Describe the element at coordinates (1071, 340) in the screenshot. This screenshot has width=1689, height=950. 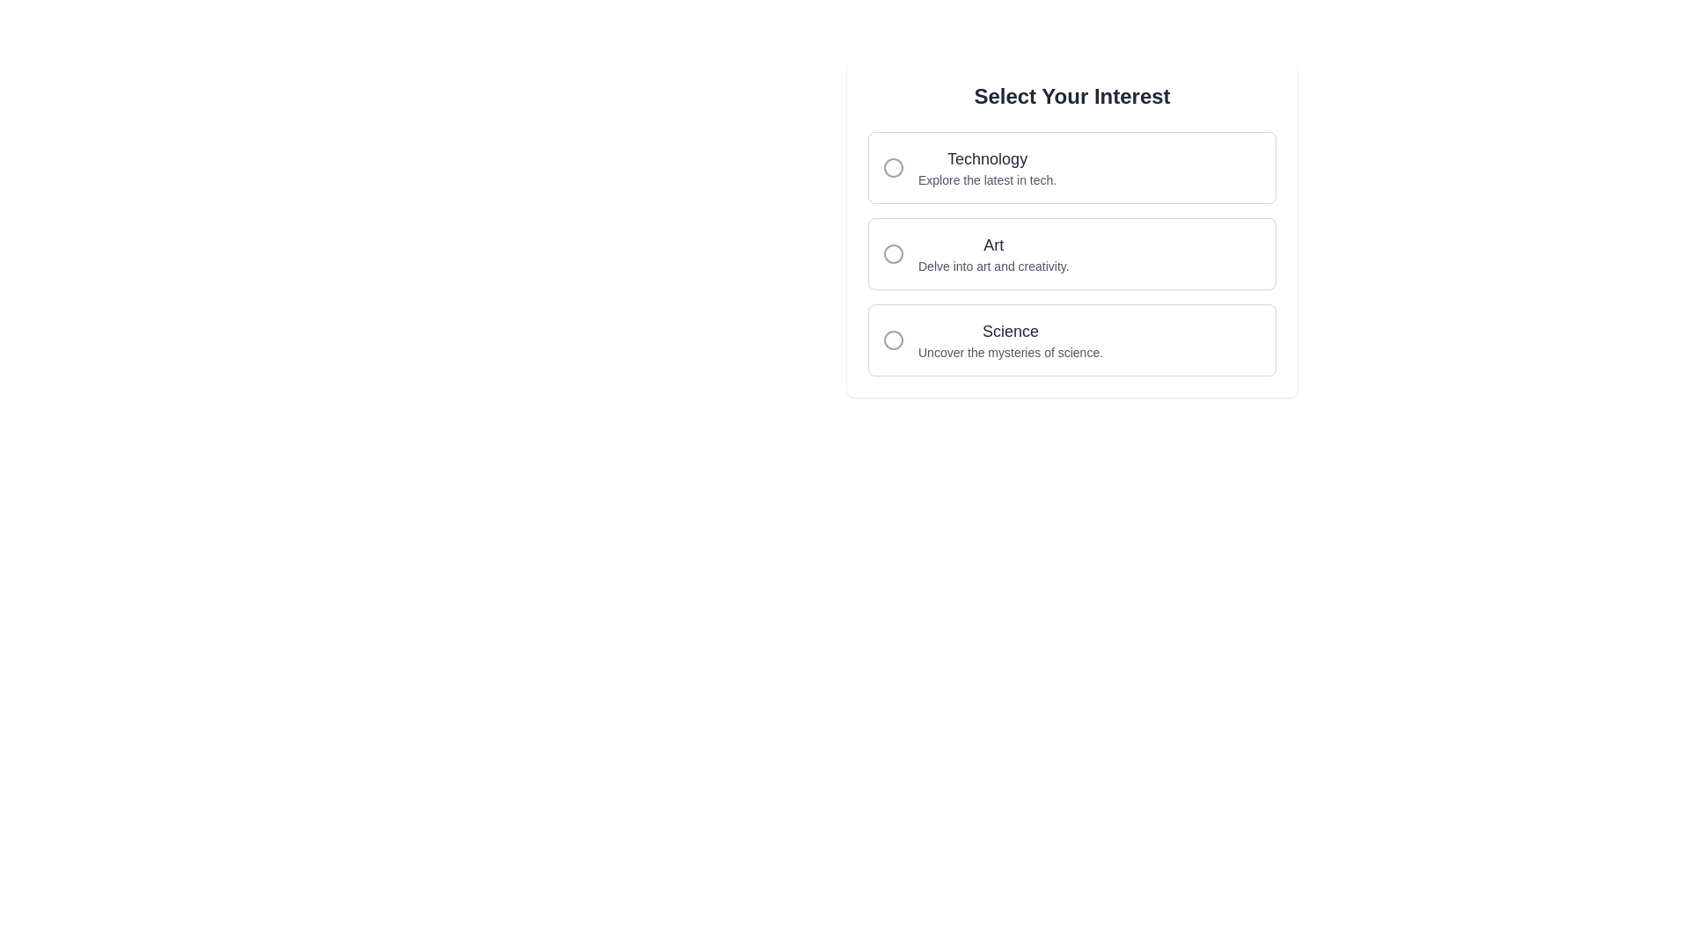
I see `the 'Science' radio button option` at that location.